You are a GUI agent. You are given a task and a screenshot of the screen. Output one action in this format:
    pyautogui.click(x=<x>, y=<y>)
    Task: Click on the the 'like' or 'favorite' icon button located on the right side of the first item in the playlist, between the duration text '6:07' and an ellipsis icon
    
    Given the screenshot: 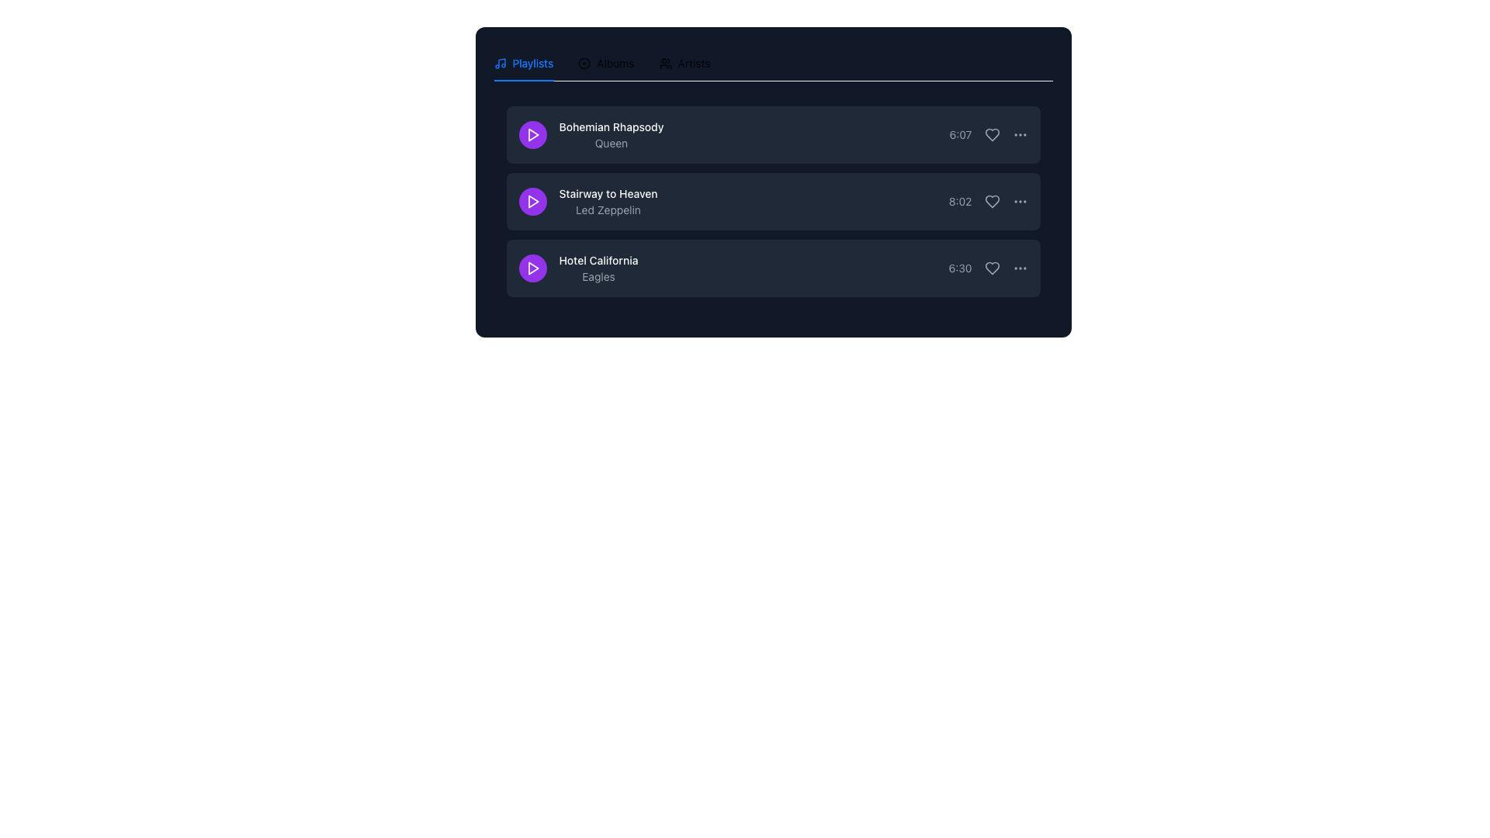 What is the action you would take?
    pyautogui.click(x=987, y=133)
    